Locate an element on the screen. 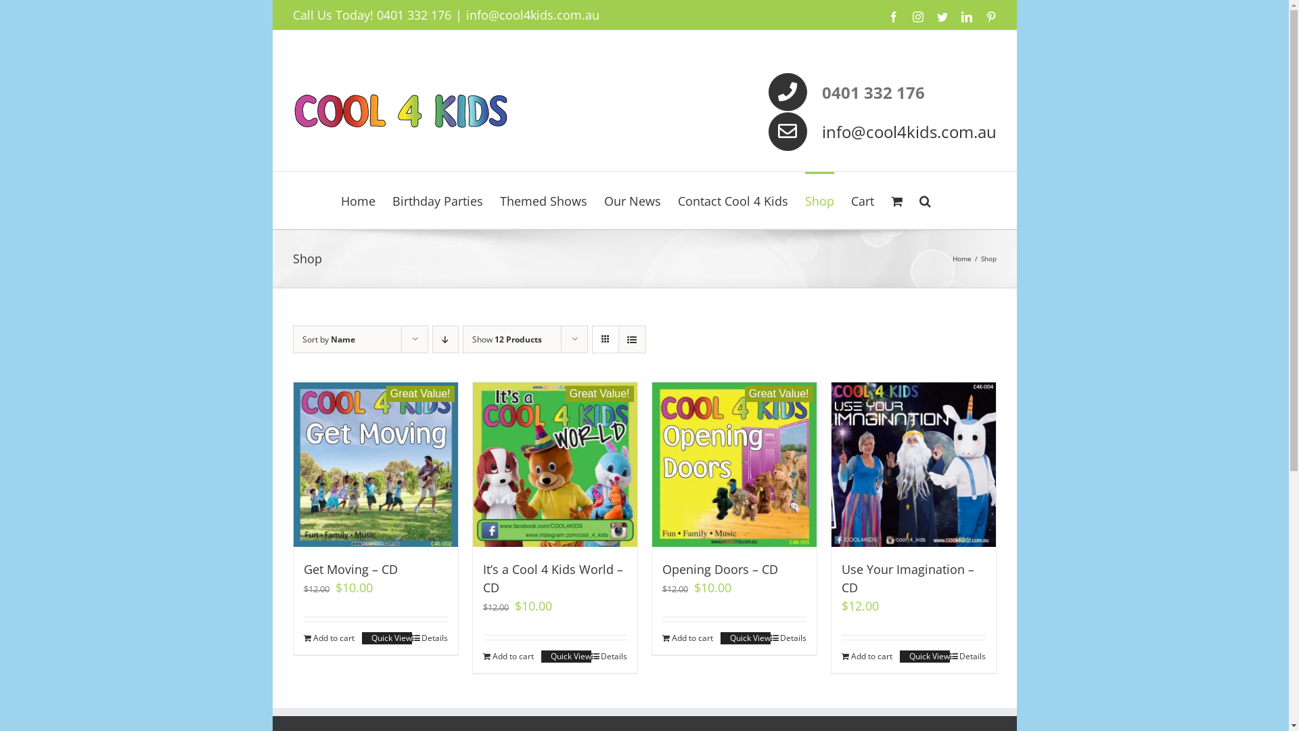 Image resolution: width=1299 pixels, height=731 pixels. 'LinkedIn' is located at coordinates (965, 16).